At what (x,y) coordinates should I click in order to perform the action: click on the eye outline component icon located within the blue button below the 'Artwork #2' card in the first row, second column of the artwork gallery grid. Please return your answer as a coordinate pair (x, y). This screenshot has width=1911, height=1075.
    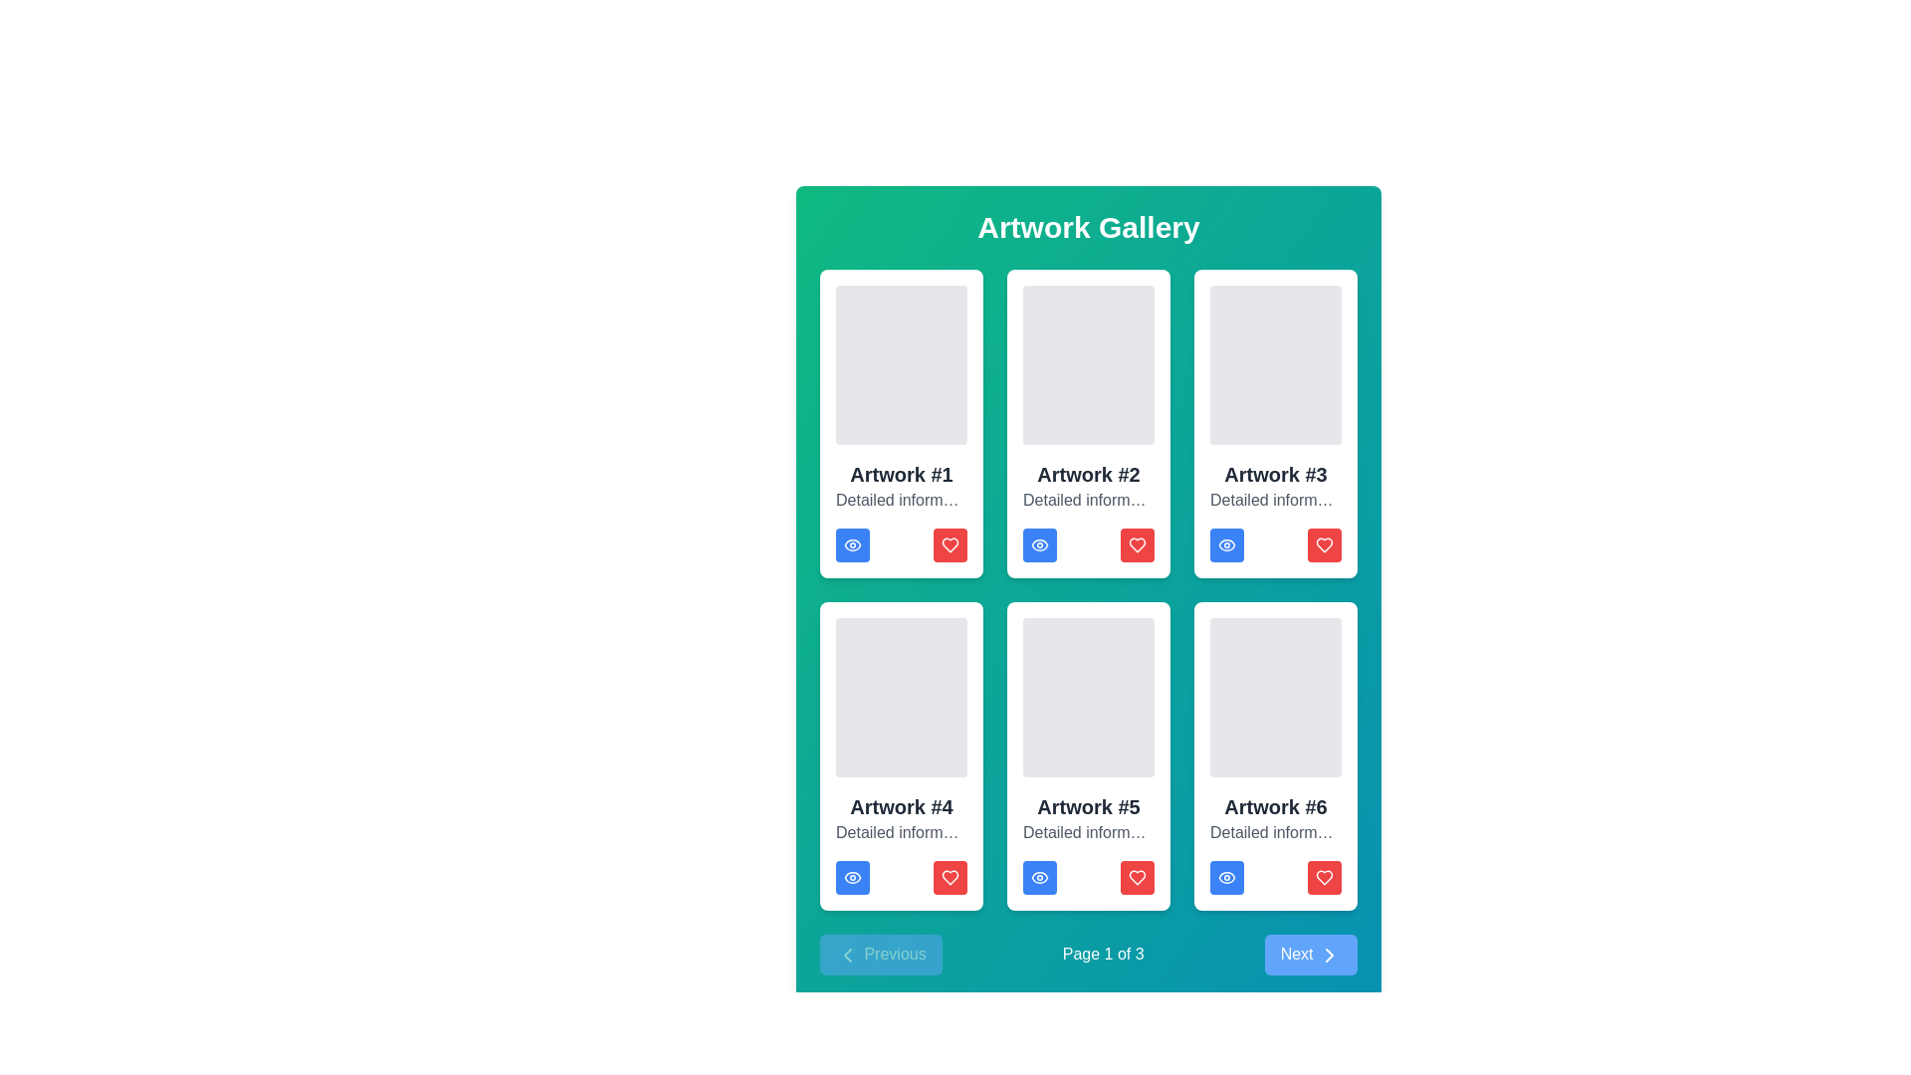
    Looking at the image, I should click on (1039, 544).